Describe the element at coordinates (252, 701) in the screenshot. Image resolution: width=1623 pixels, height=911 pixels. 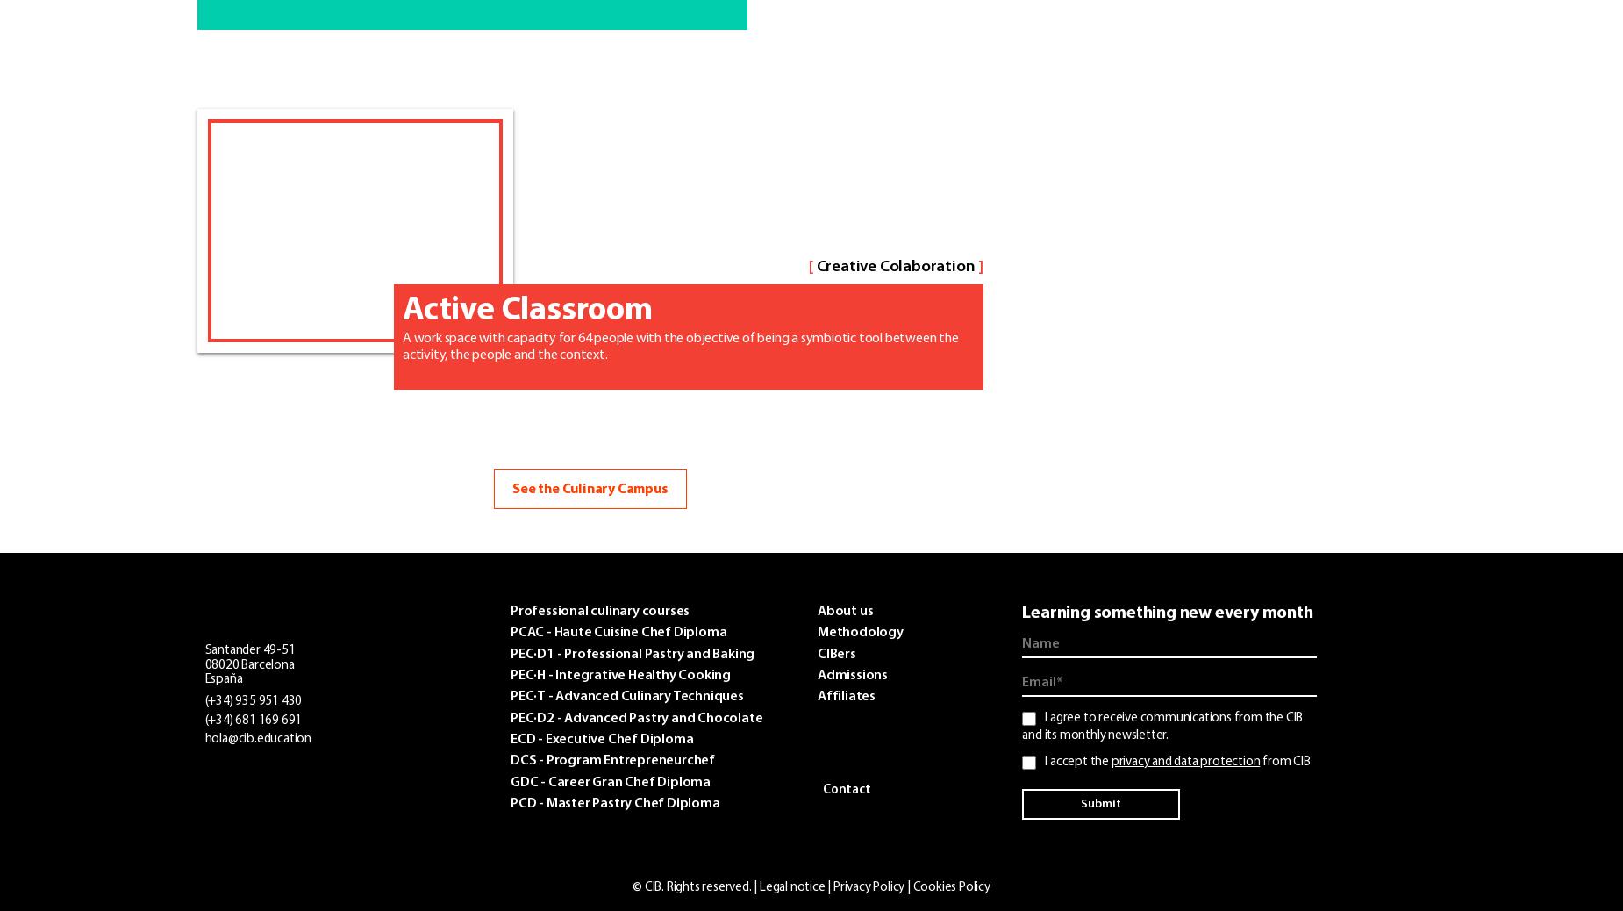
I see `'(+34) 935 951 430'` at that location.